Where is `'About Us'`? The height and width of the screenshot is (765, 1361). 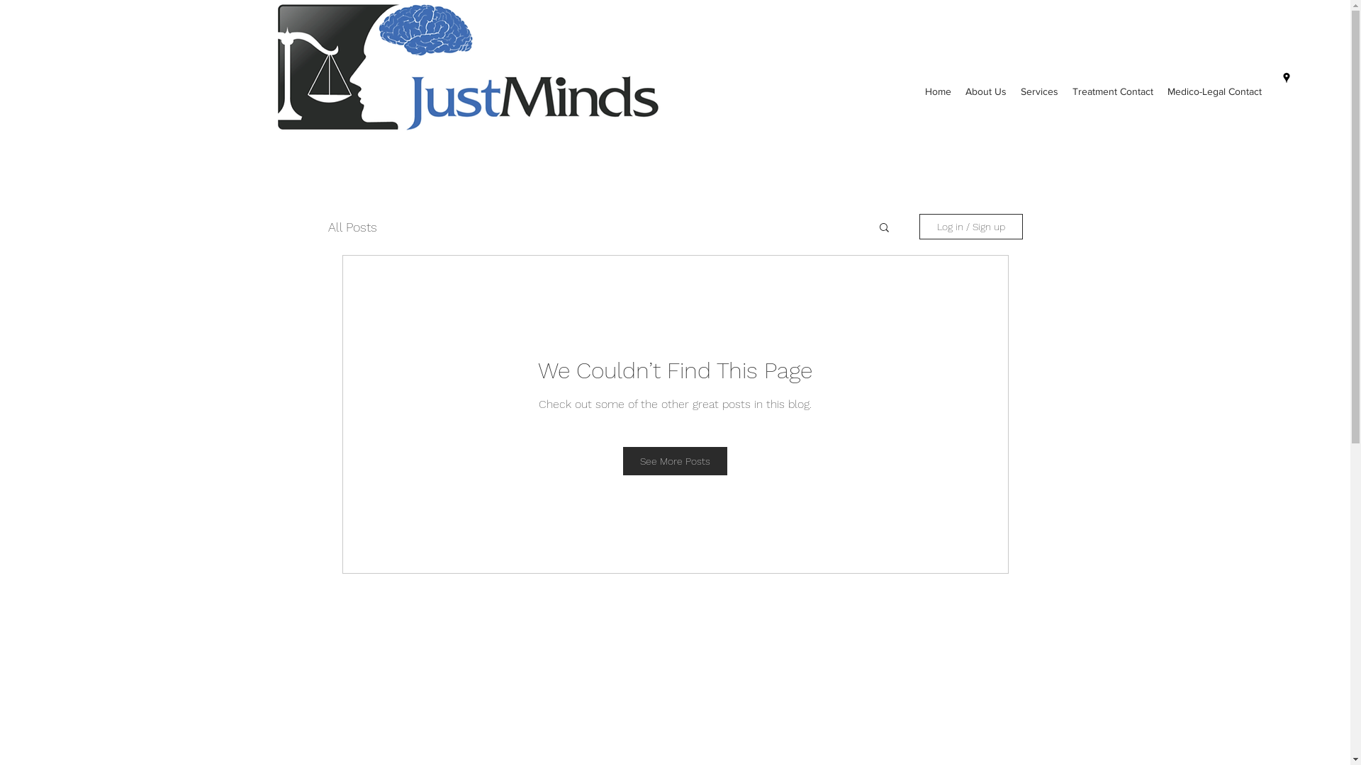 'About Us' is located at coordinates (985, 91).